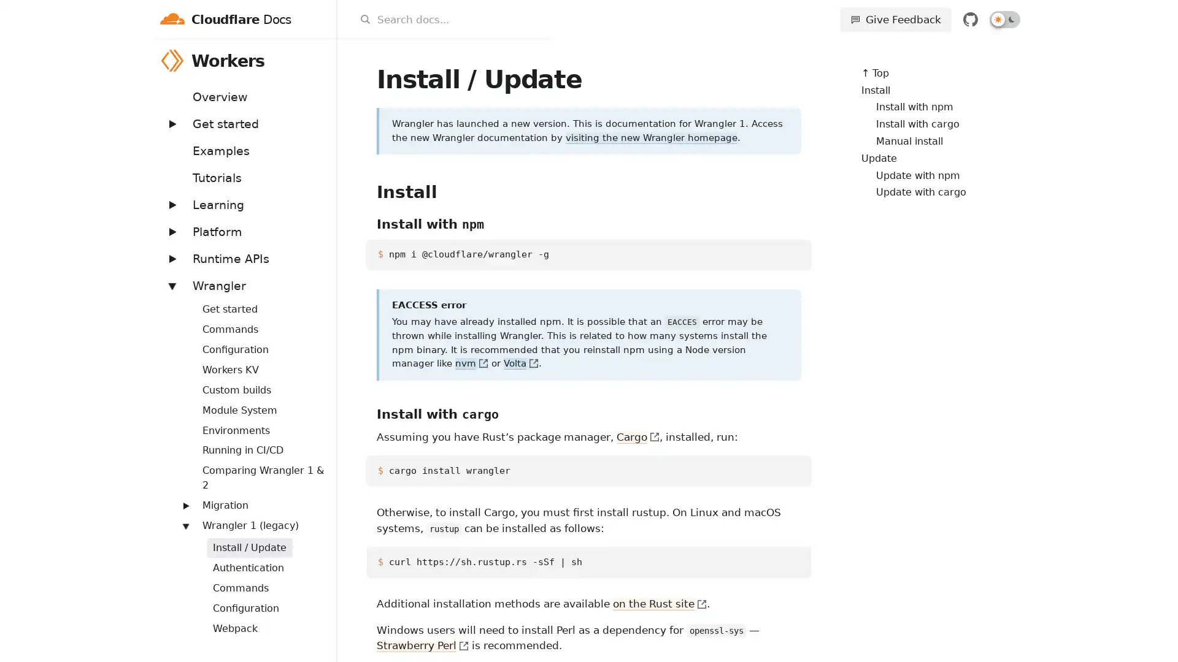 The image size is (1178, 662). What do you see at coordinates (185, 524) in the screenshot?
I see `Expand: Wrangler 1 (legacy)` at bounding box center [185, 524].